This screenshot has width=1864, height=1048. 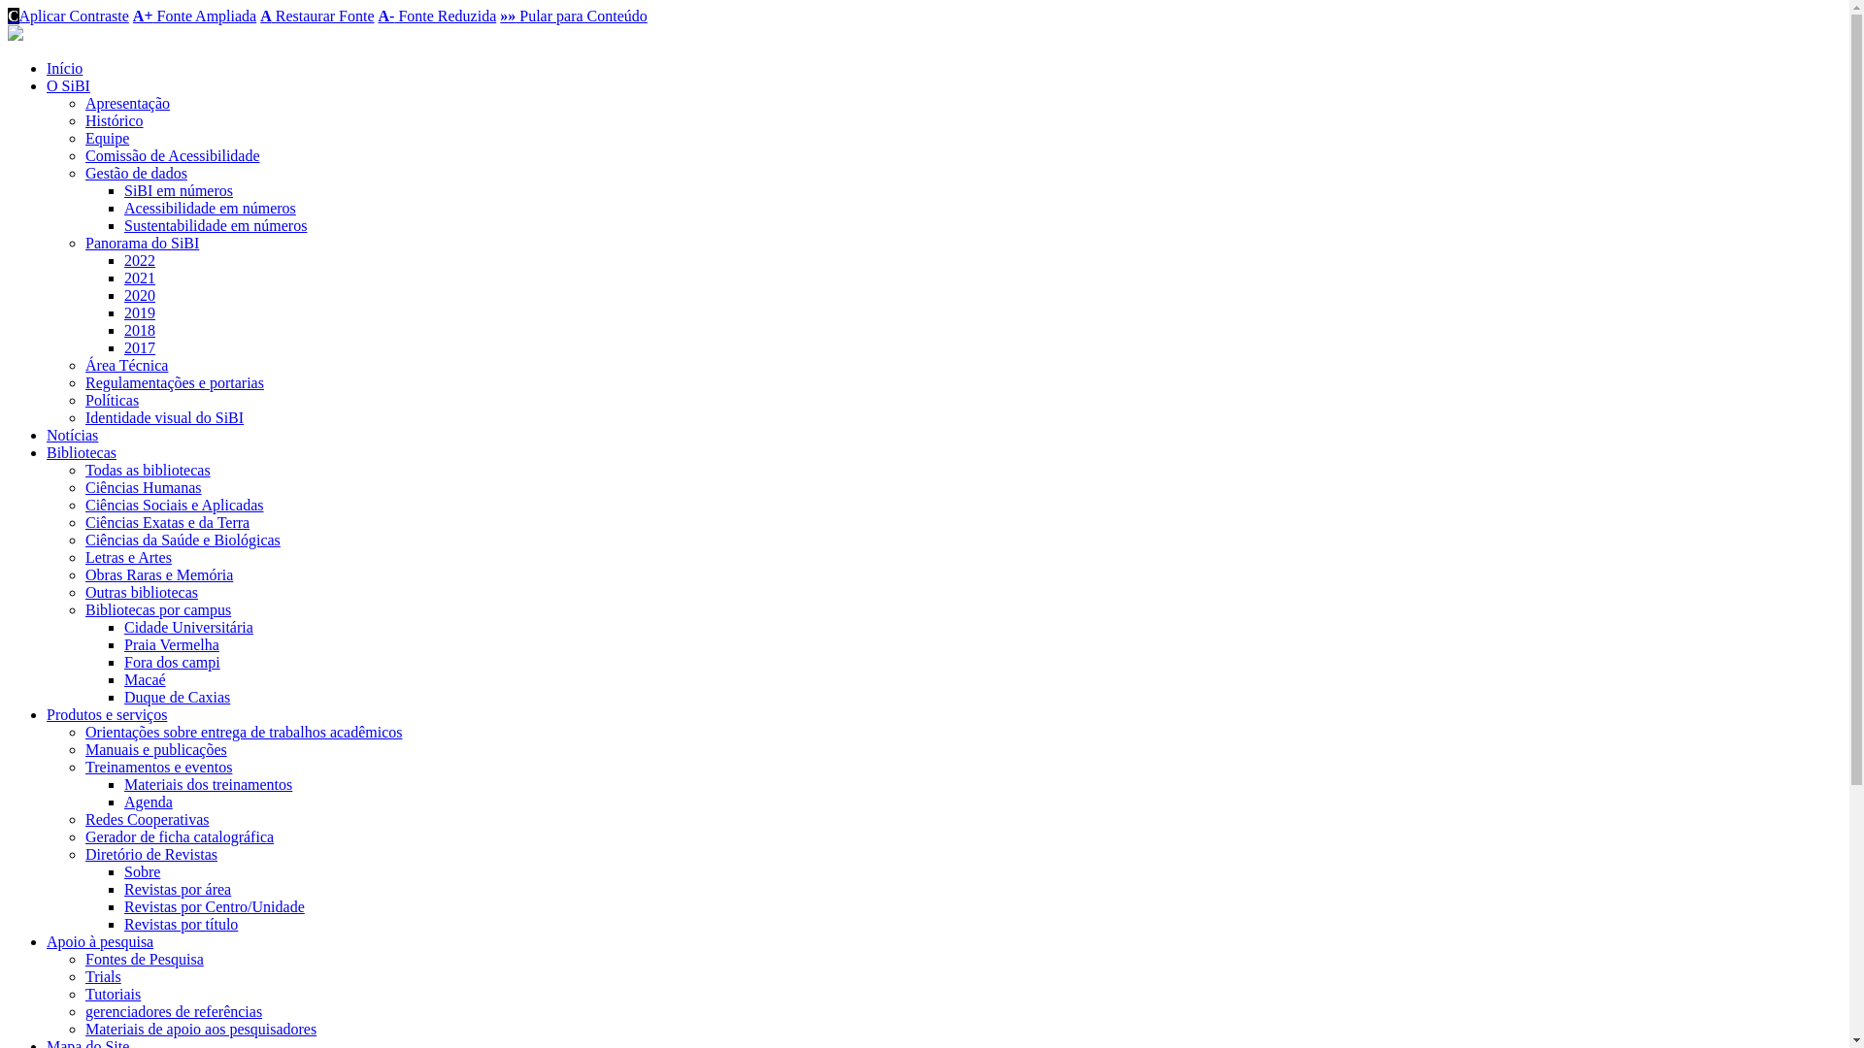 I want to click on 'Materiais de apoio aos pesquisadores', so click(x=200, y=1028).